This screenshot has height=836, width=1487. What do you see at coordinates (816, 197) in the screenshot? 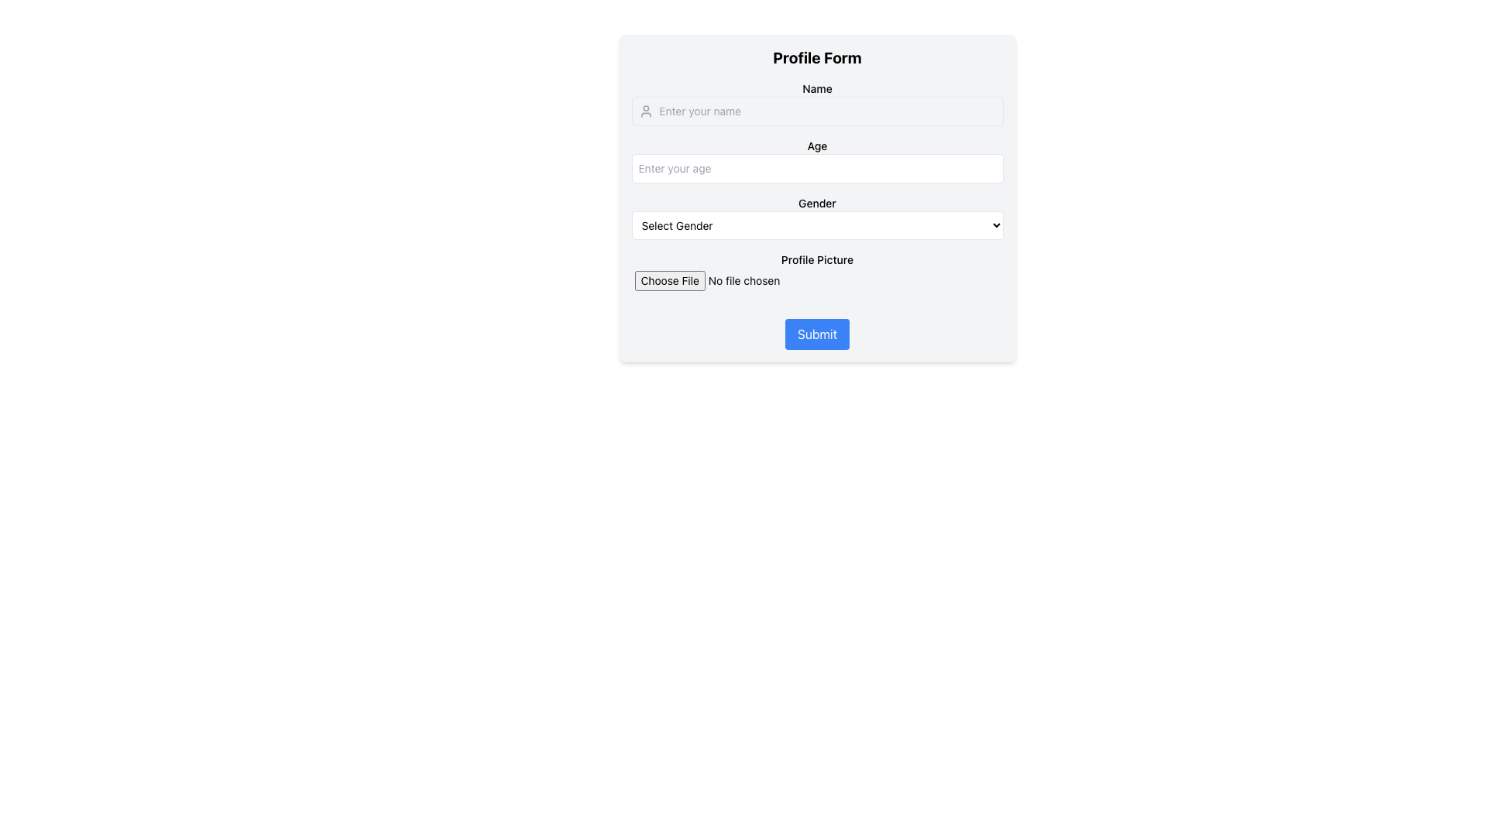
I see `the gender dropdown menu located under the 'Gender' label in the 'Profile Form'` at bounding box center [816, 197].